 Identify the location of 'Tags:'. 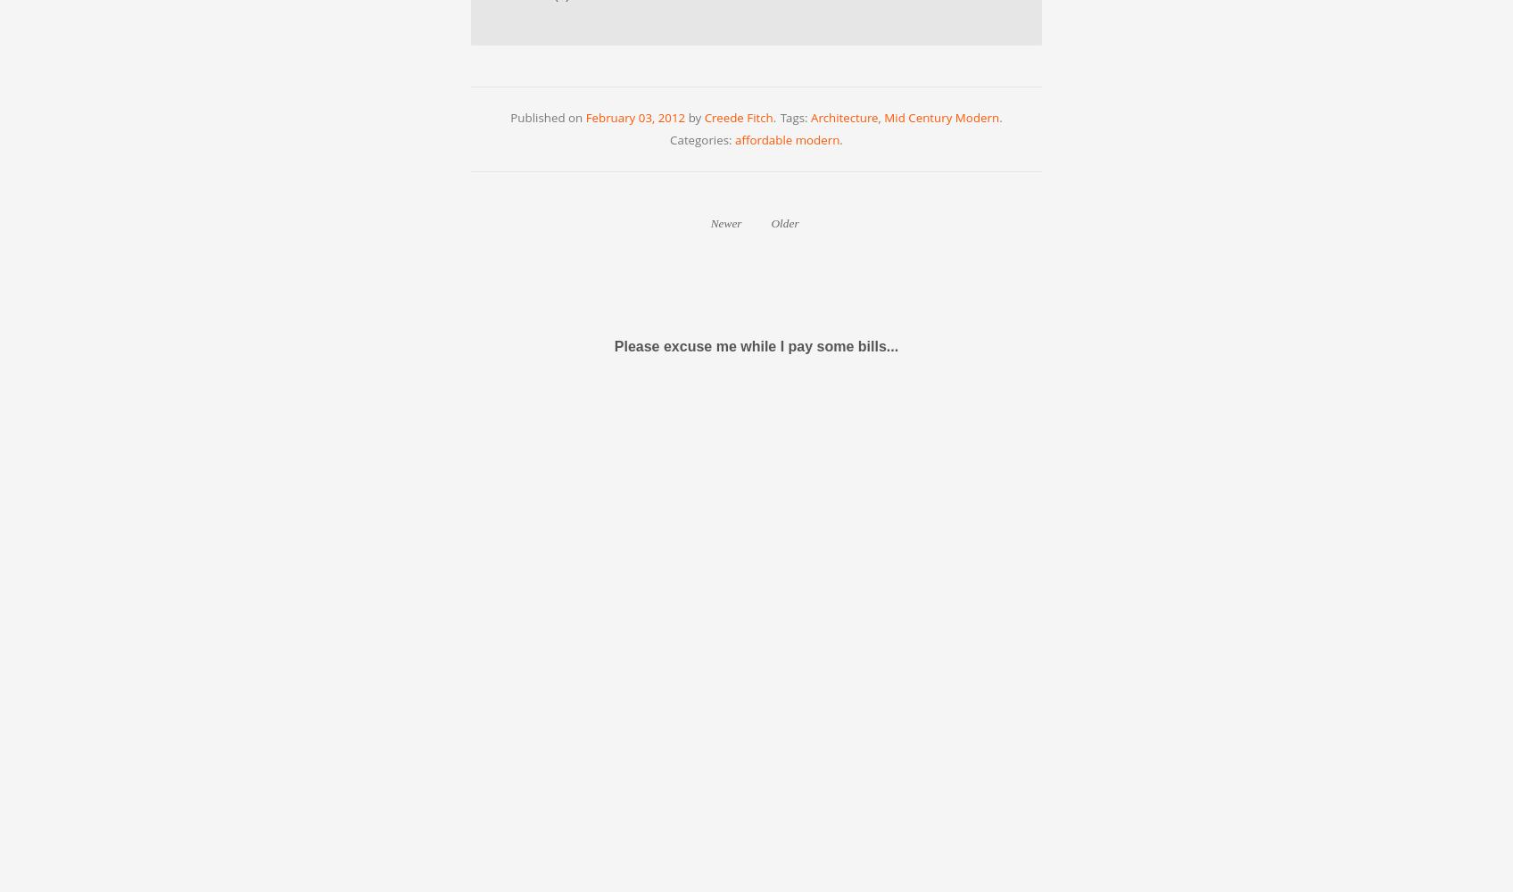
(795, 117).